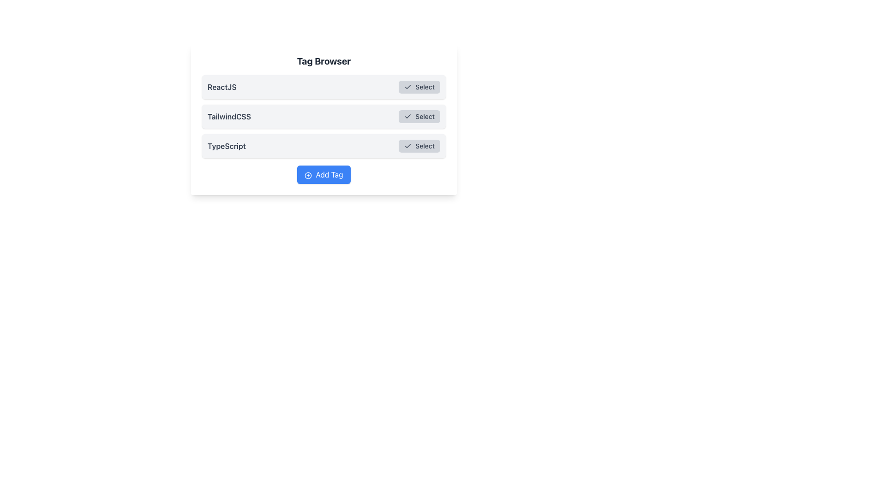 This screenshot has width=886, height=498. Describe the element at coordinates (308, 175) in the screenshot. I see `the circular '+' icon located to the left of the 'Add Tag' text within the blue button with rounded corners` at that location.